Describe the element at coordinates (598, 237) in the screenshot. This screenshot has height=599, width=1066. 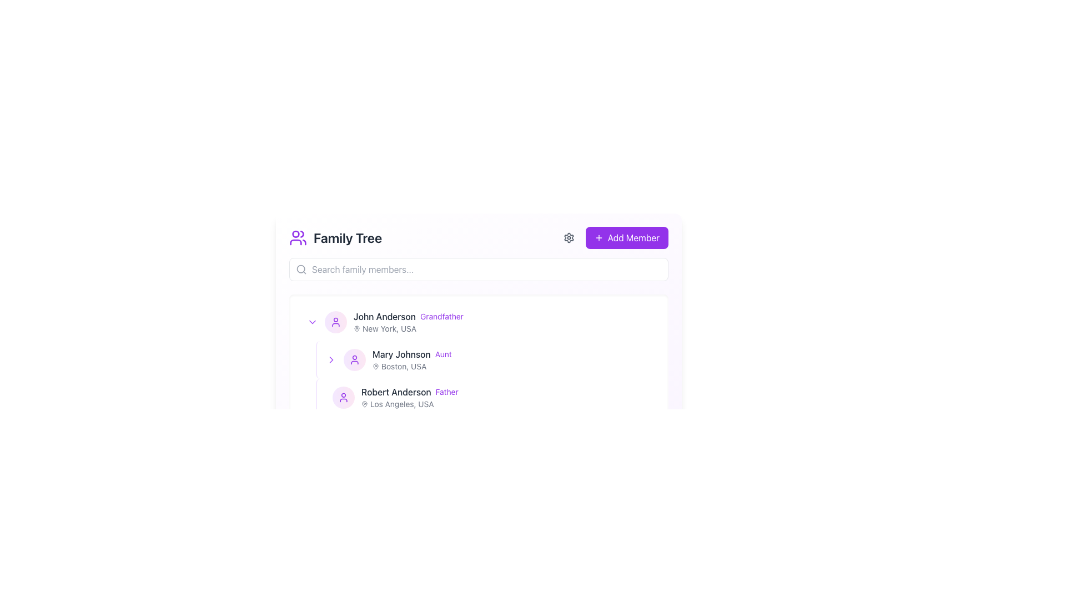
I see `the '+' icon located inside the purple 'Add Member' button at the top-right corner of the interface` at that location.